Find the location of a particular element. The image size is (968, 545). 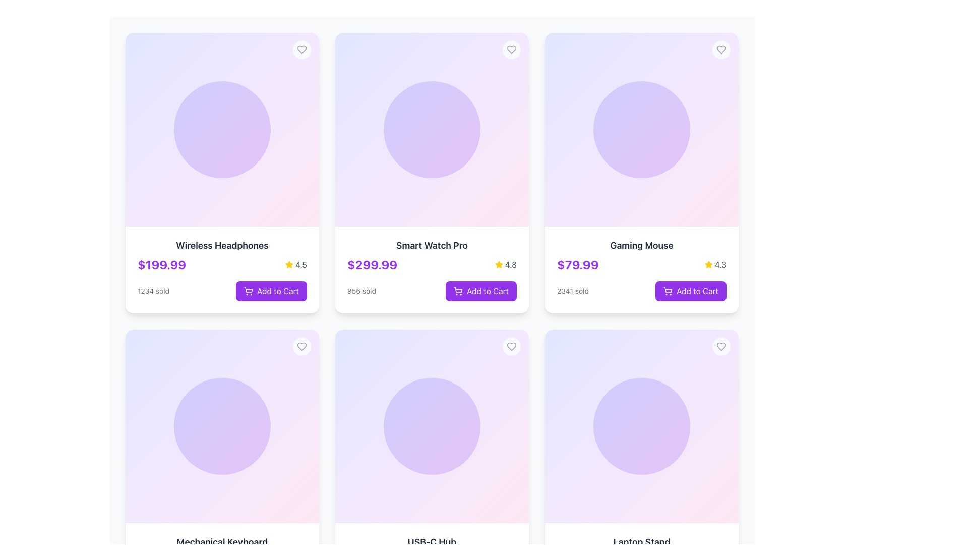

the heart icon in the top-right corner of the card displaying details of the 'Gaming Mouse' to favorite or like the item is located at coordinates (720, 50).